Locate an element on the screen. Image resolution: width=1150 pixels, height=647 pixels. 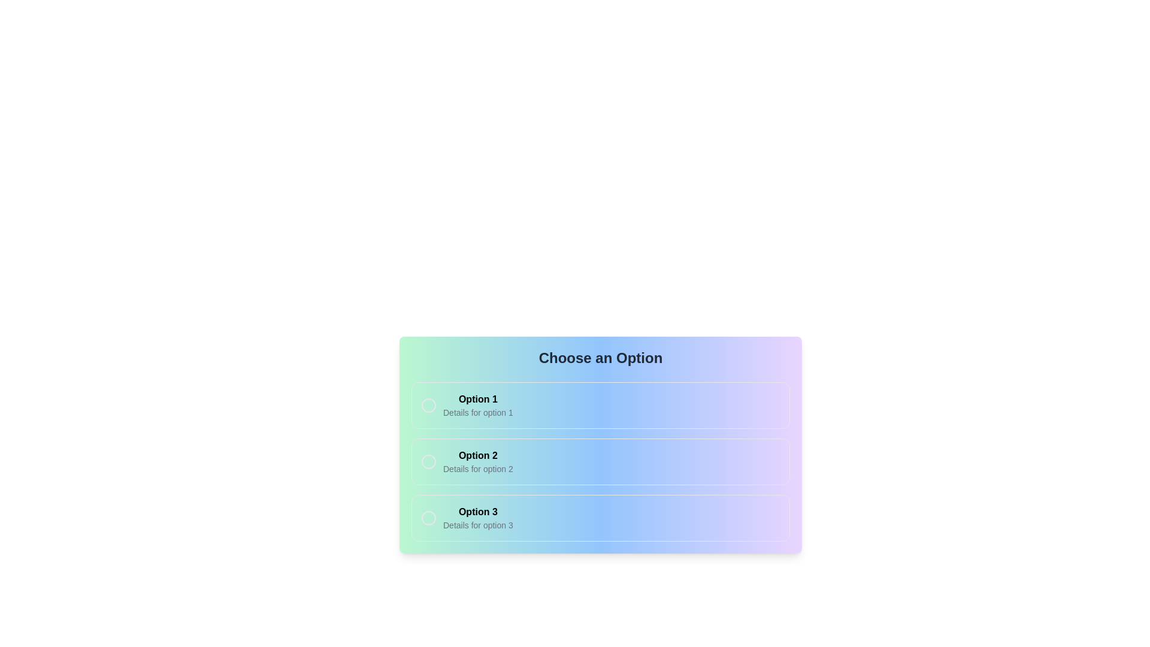
the second option button in the vertical list is located at coordinates (601, 461).